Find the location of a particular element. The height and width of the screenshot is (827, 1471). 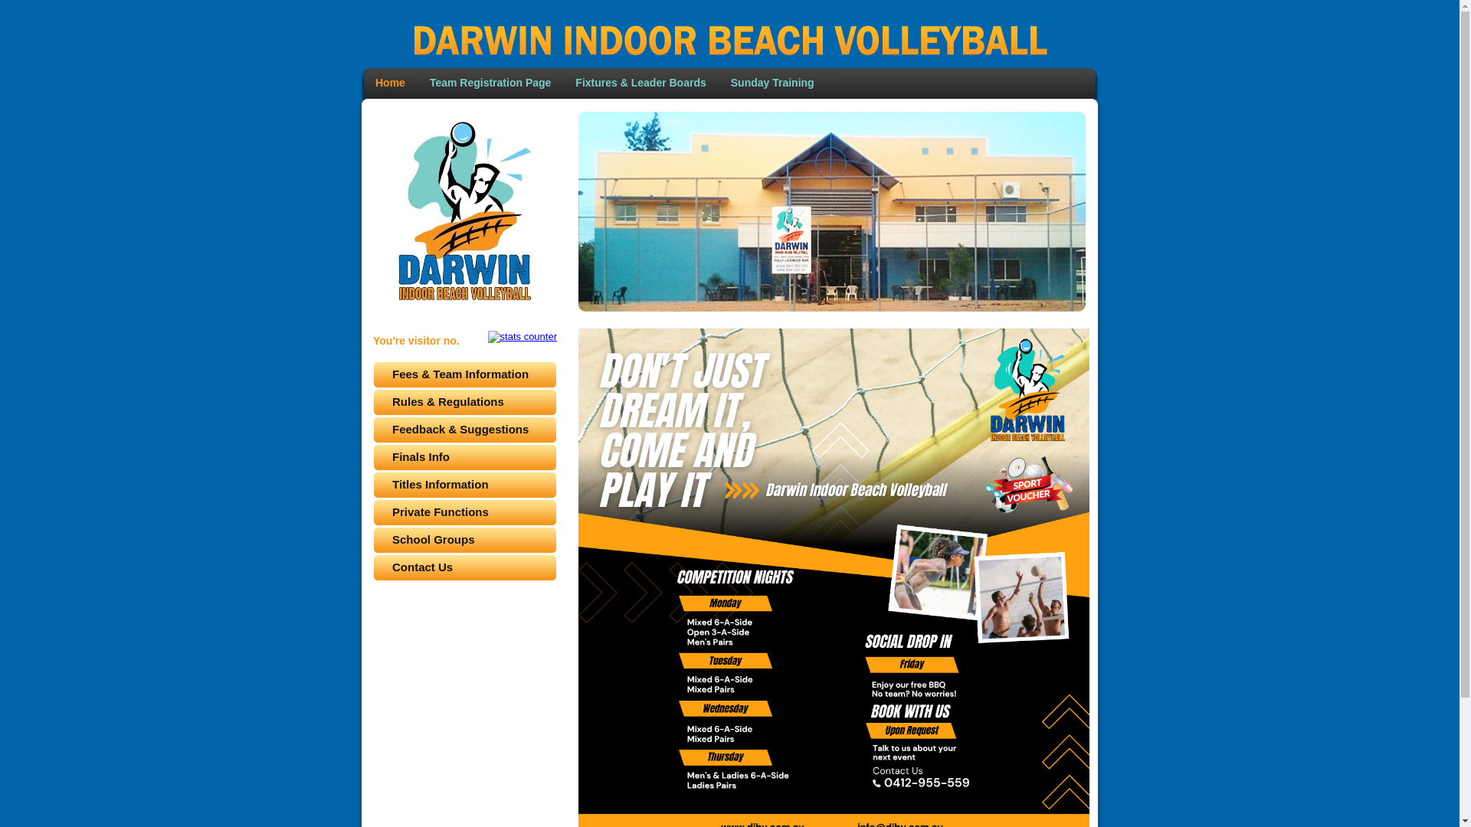

'Finals Info' is located at coordinates (464, 456).